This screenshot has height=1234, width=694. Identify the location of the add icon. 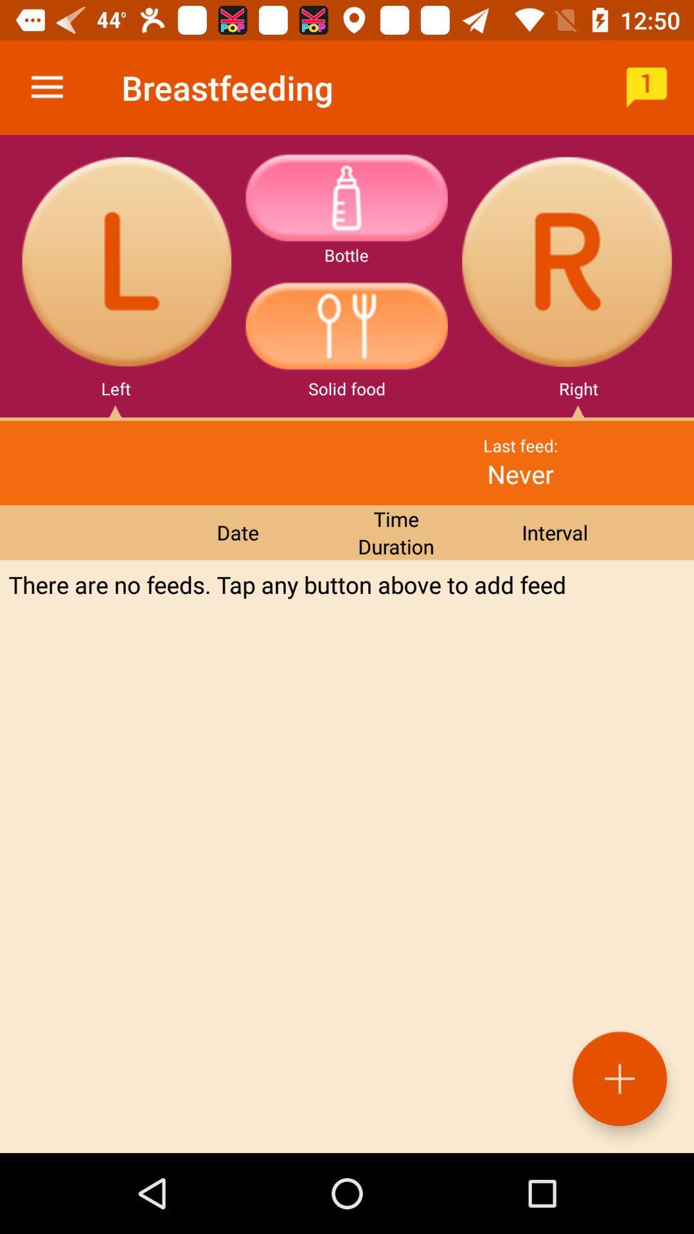
(619, 1078).